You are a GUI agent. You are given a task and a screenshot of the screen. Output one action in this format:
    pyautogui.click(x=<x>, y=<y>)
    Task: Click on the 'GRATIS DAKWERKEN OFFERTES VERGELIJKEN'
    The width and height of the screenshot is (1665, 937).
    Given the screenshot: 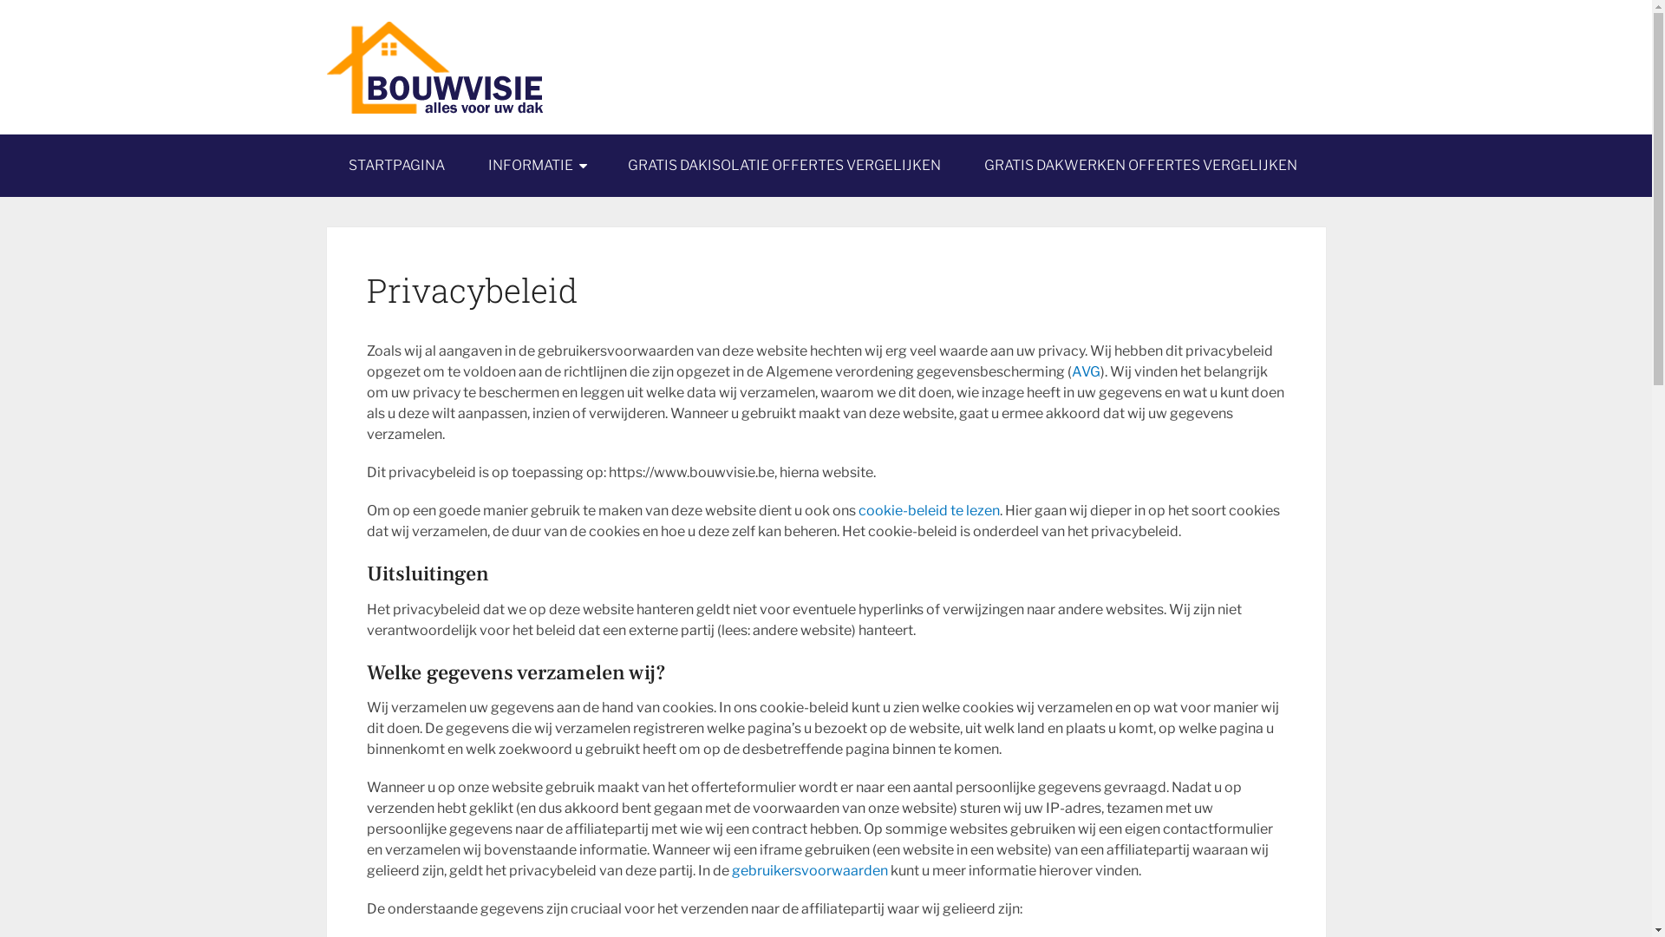 What is the action you would take?
    pyautogui.click(x=1140, y=166)
    